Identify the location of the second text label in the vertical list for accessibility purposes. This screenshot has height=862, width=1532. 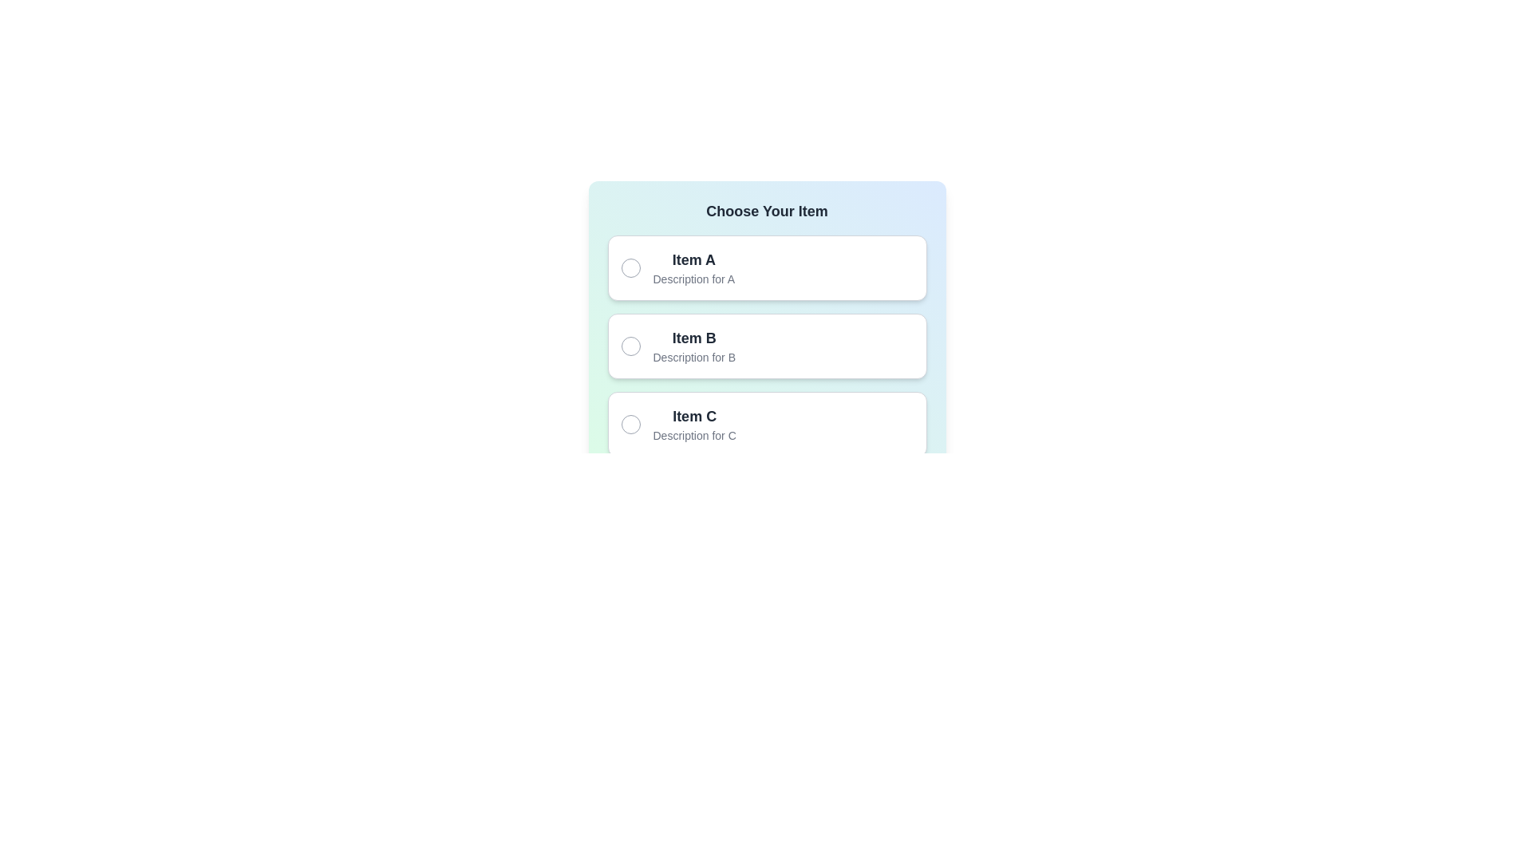
(694, 346).